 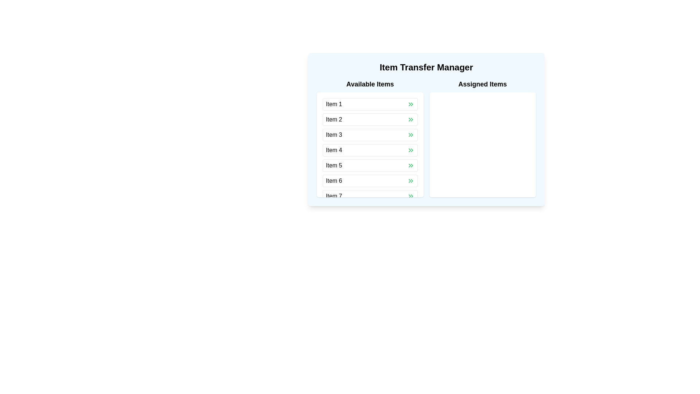 I want to click on the green chevron button located to the right of 'Item 1' in the 'Available Items' list of the 'Item Transfer Manager' interface to change its color for visual feedback, so click(x=411, y=104).